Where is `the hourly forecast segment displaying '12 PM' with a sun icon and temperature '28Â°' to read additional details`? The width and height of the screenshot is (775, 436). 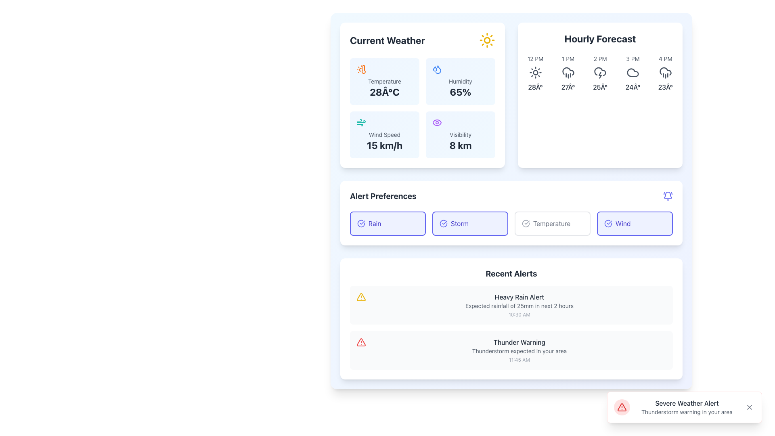 the hourly forecast segment displaying '12 PM' with a sun icon and temperature '28Â°' to read additional details is located at coordinates (535, 73).